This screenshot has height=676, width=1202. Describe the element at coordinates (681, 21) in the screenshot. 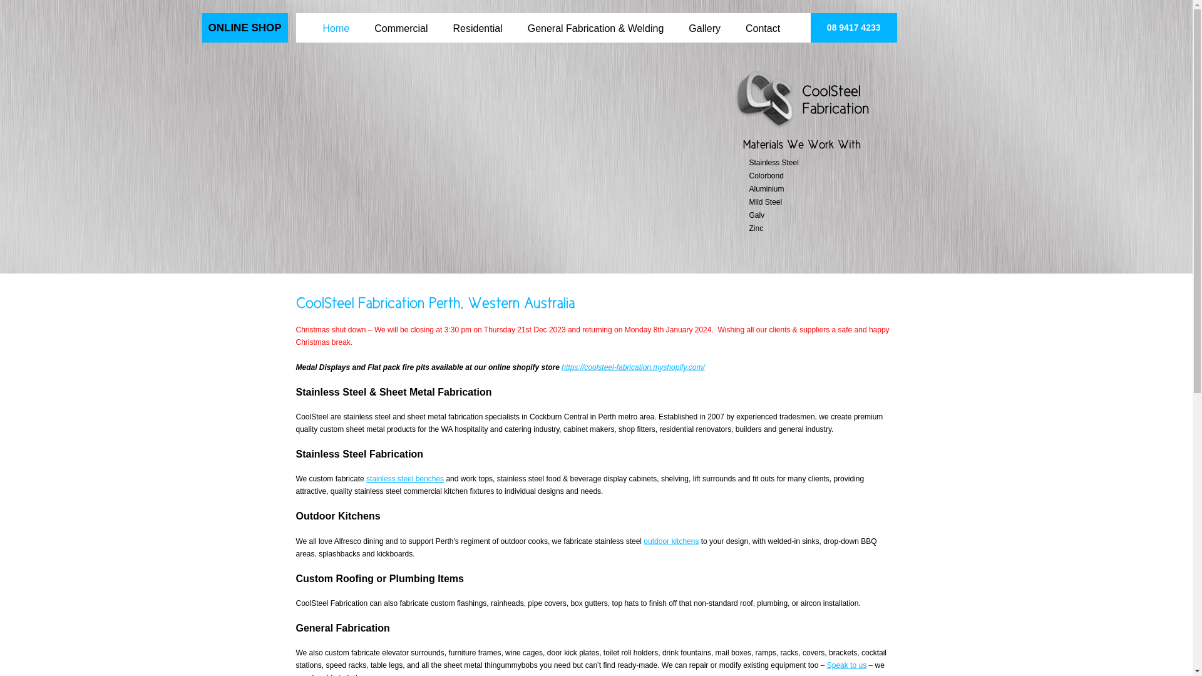

I see `'Gallery'` at that location.